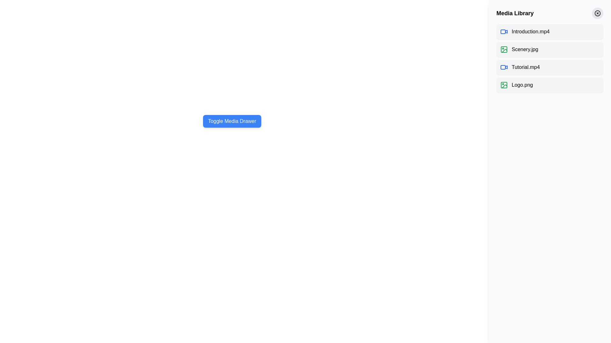 The image size is (611, 343). Describe the element at coordinates (522, 84) in the screenshot. I see `the Text label displaying the name 'Logo.png', which is the fourth line in the Media Library panel` at that location.